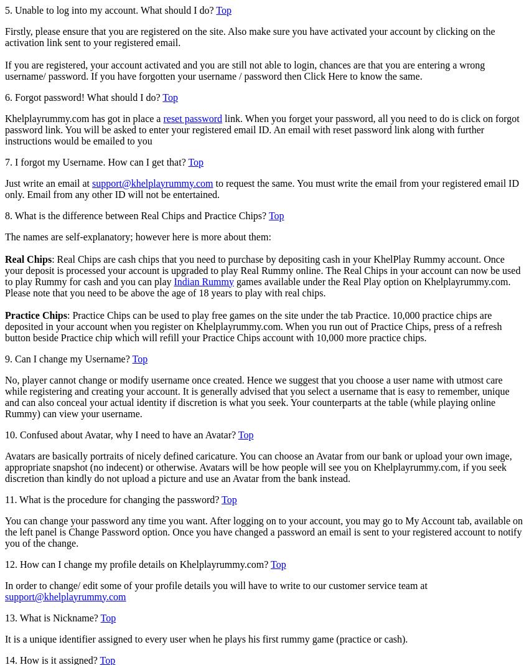  I want to click on '11. What is the procedure for changing the password?', so click(112, 499).